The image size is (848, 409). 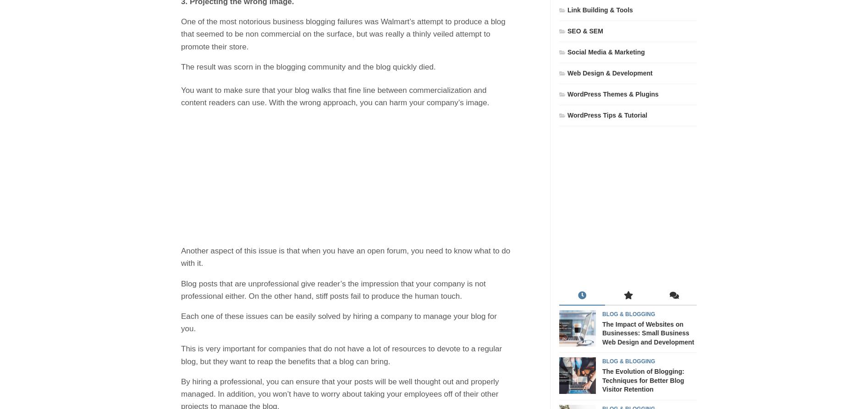 What do you see at coordinates (567, 73) in the screenshot?
I see `'Web Design & Development'` at bounding box center [567, 73].